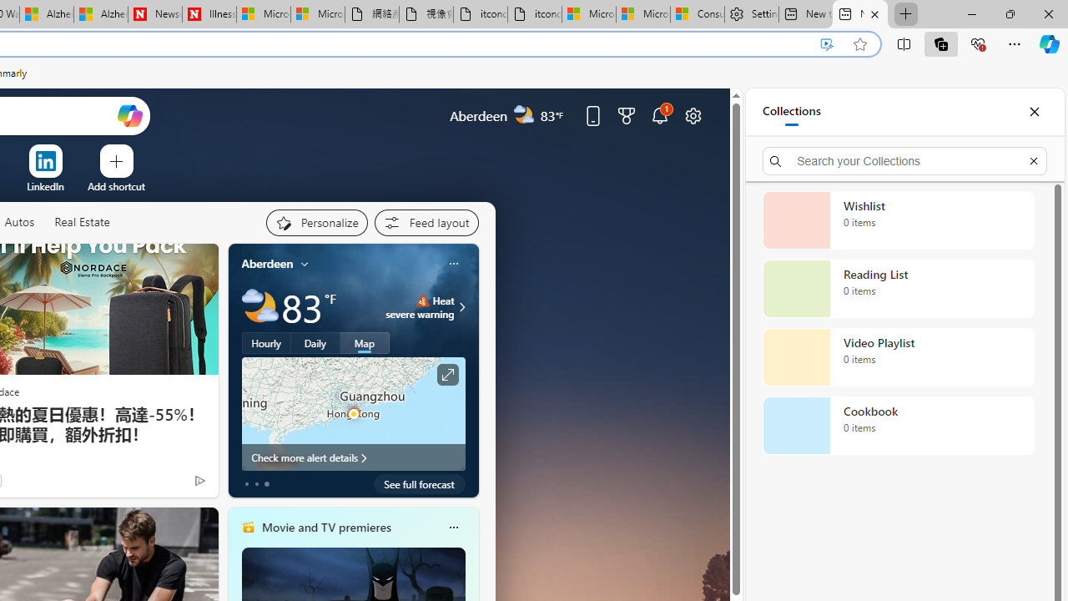  I want to click on 'Daily', so click(315, 342).